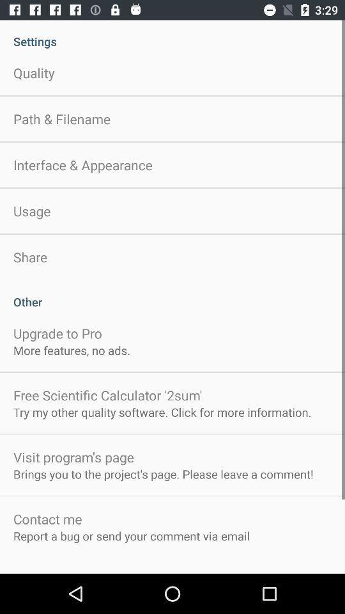 This screenshot has width=345, height=614. What do you see at coordinates (107, 395) in the screenshot?
I see `the item above the try my other item` at bounding box center [107, 395].